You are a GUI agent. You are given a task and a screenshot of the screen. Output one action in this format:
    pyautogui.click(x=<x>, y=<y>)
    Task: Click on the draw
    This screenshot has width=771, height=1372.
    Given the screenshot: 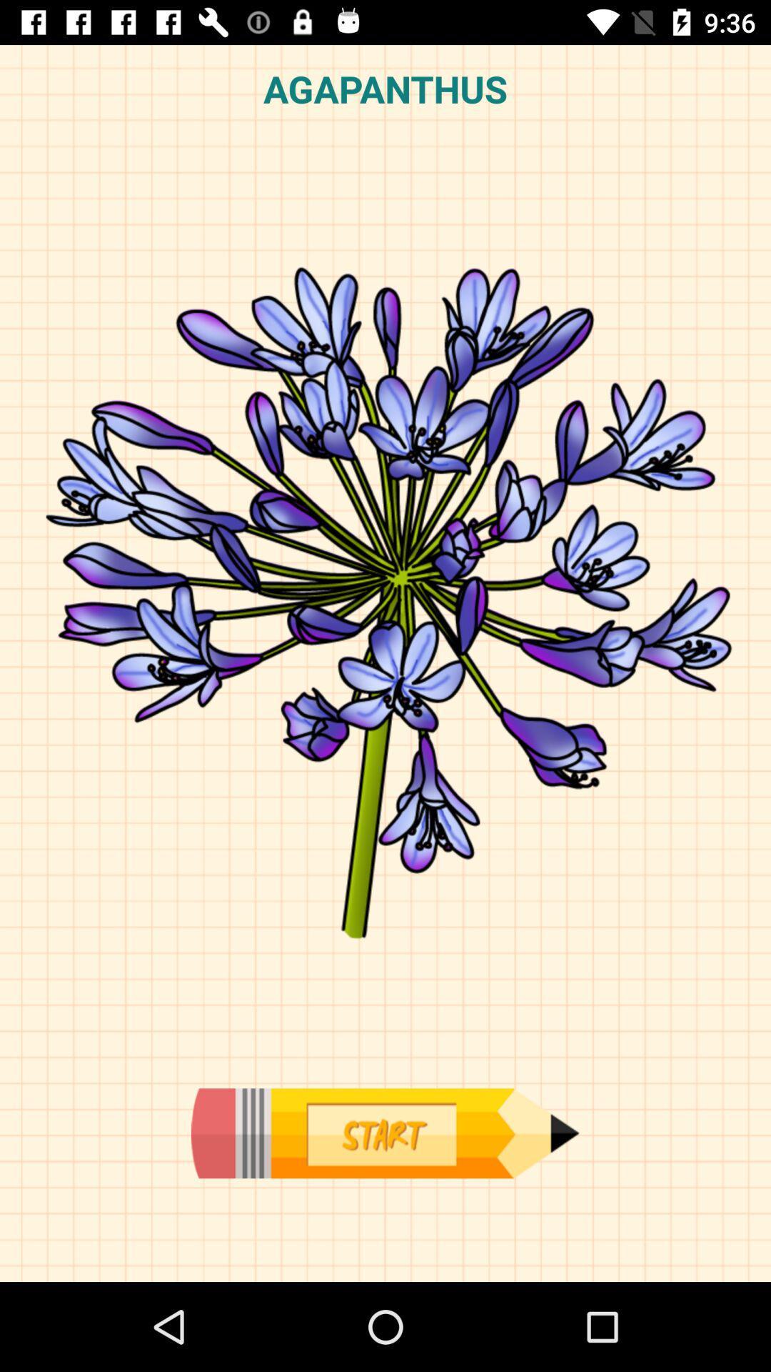 What is the action you would take?
    pyautogui.click(x=384, y=1133)
    